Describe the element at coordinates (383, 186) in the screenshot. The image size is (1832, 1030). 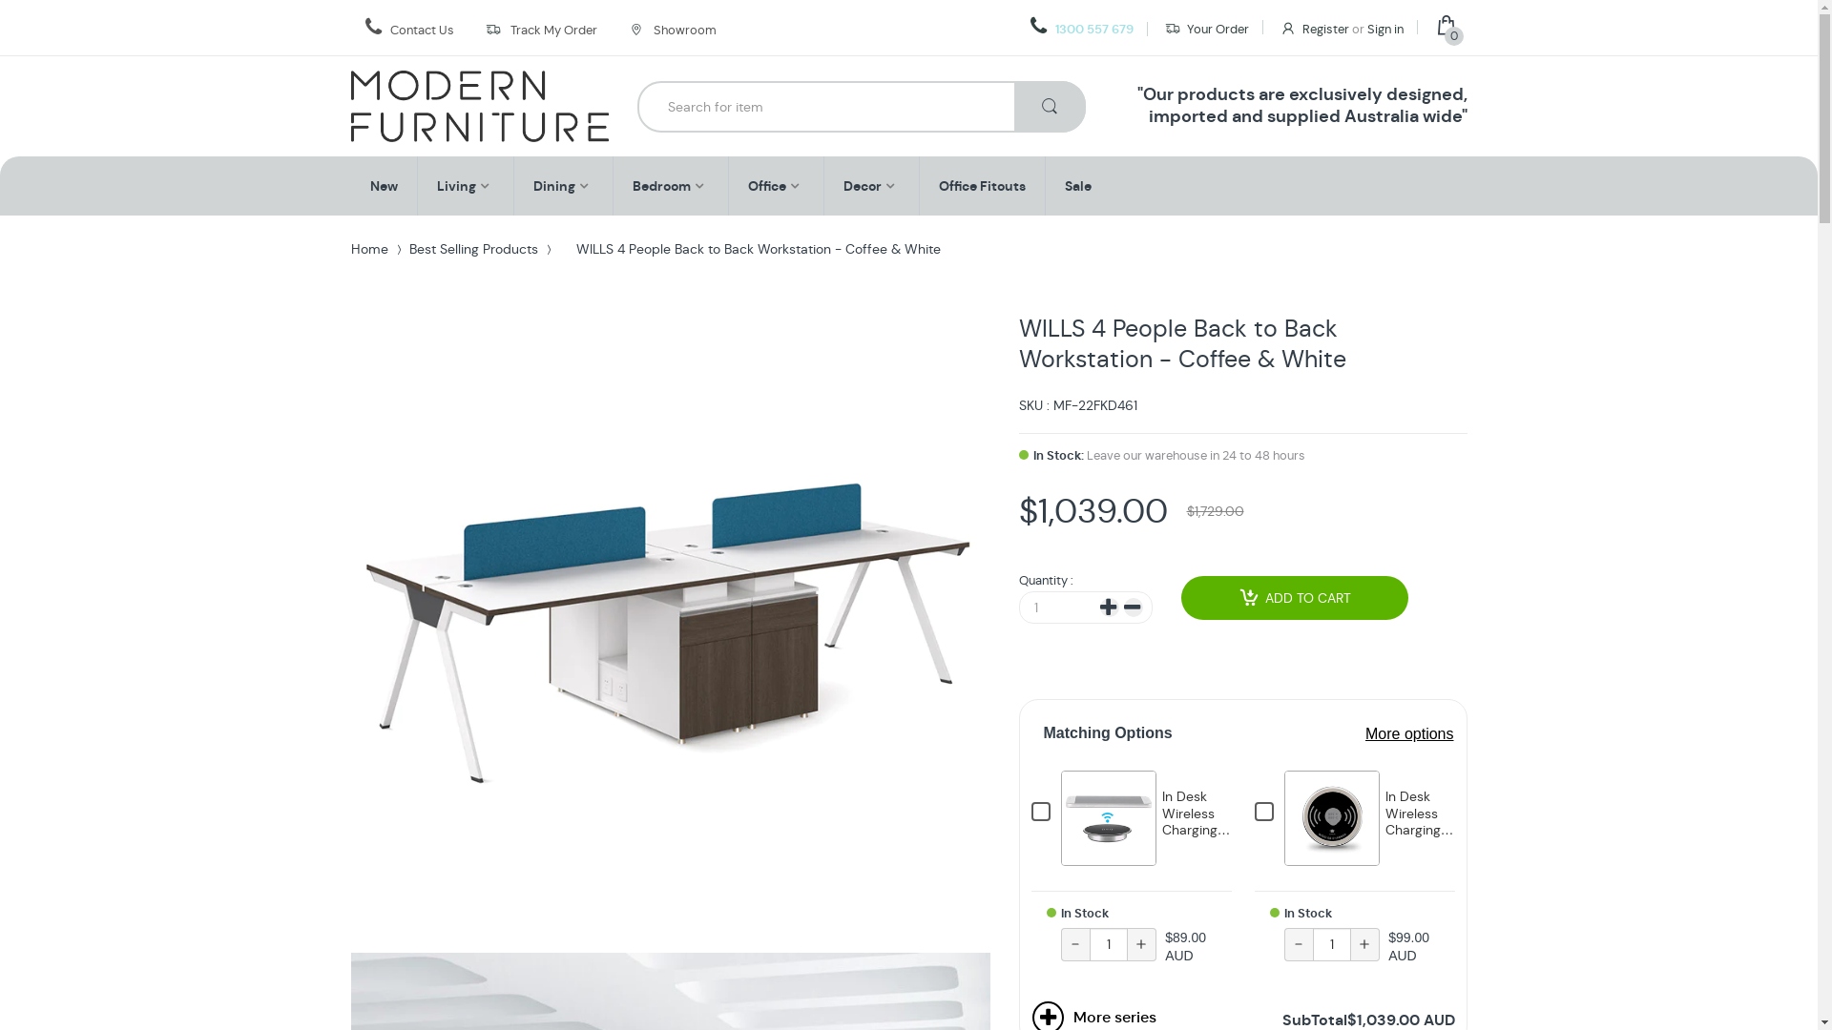
I see `'New'` at that location.